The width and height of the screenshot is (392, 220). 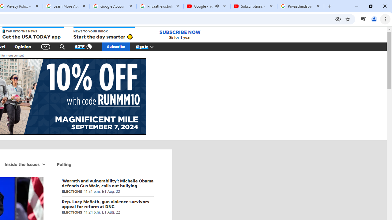 I want to click on 'Polling', so click(x=64, y=164).